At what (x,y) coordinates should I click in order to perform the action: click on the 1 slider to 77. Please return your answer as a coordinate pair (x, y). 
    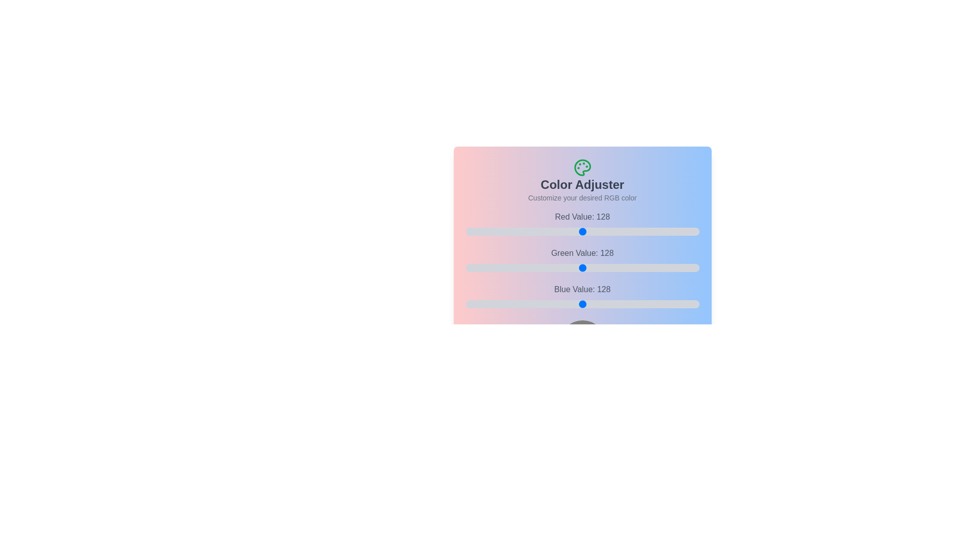
    Looking at the image, I should click on (617, 267).